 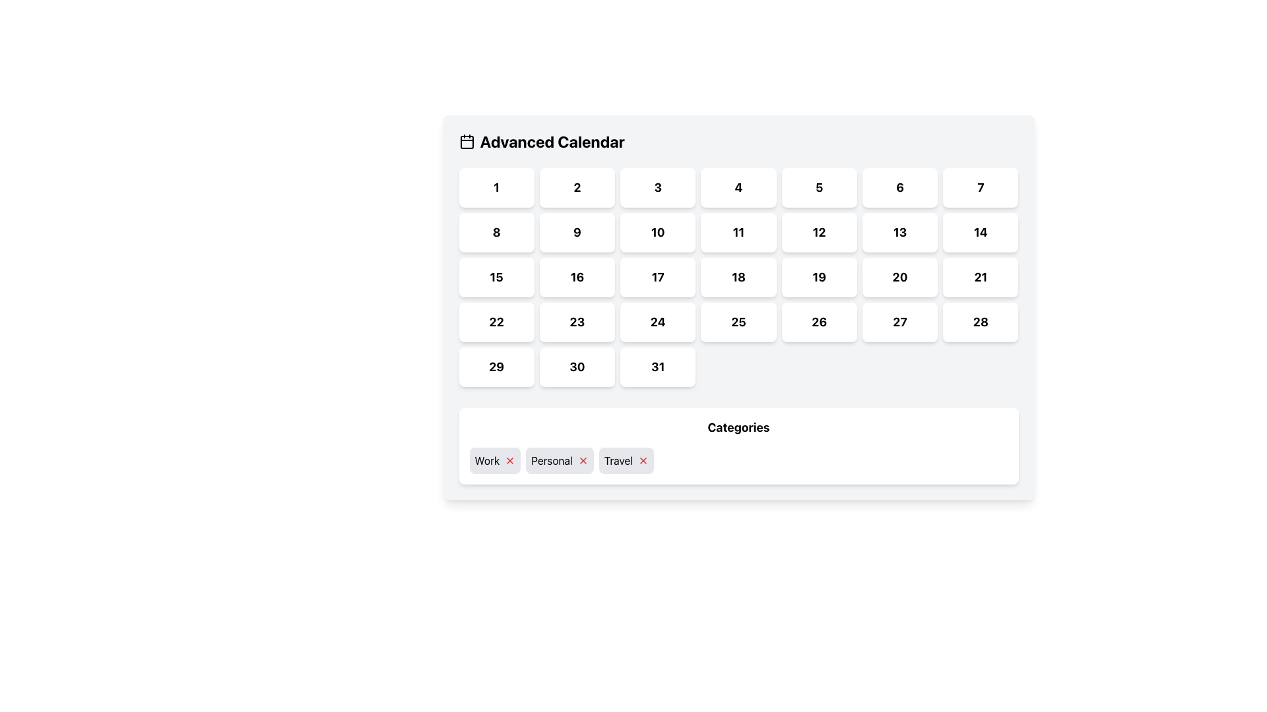 What do you see at coordinates (981, 276) in the screenshot?
I see `the text label representing the date '21' in the calendar grid` at bounding box center [981, 276].